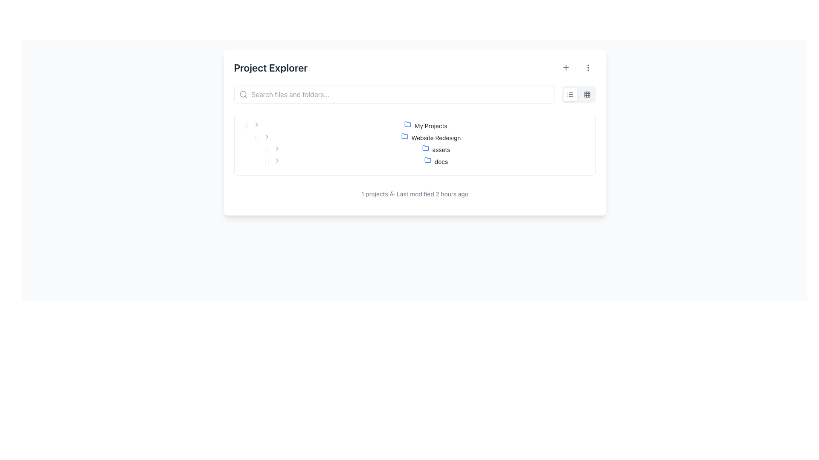 The width and height of the screenshot is (819, 460). What do you see at coordinates (251, 149) in the screenshot?
I see `the indentation unit in the Project Explorer, located under the 'assets' node, which contributes to the indentation for that node` at bounding box center [251, 149].